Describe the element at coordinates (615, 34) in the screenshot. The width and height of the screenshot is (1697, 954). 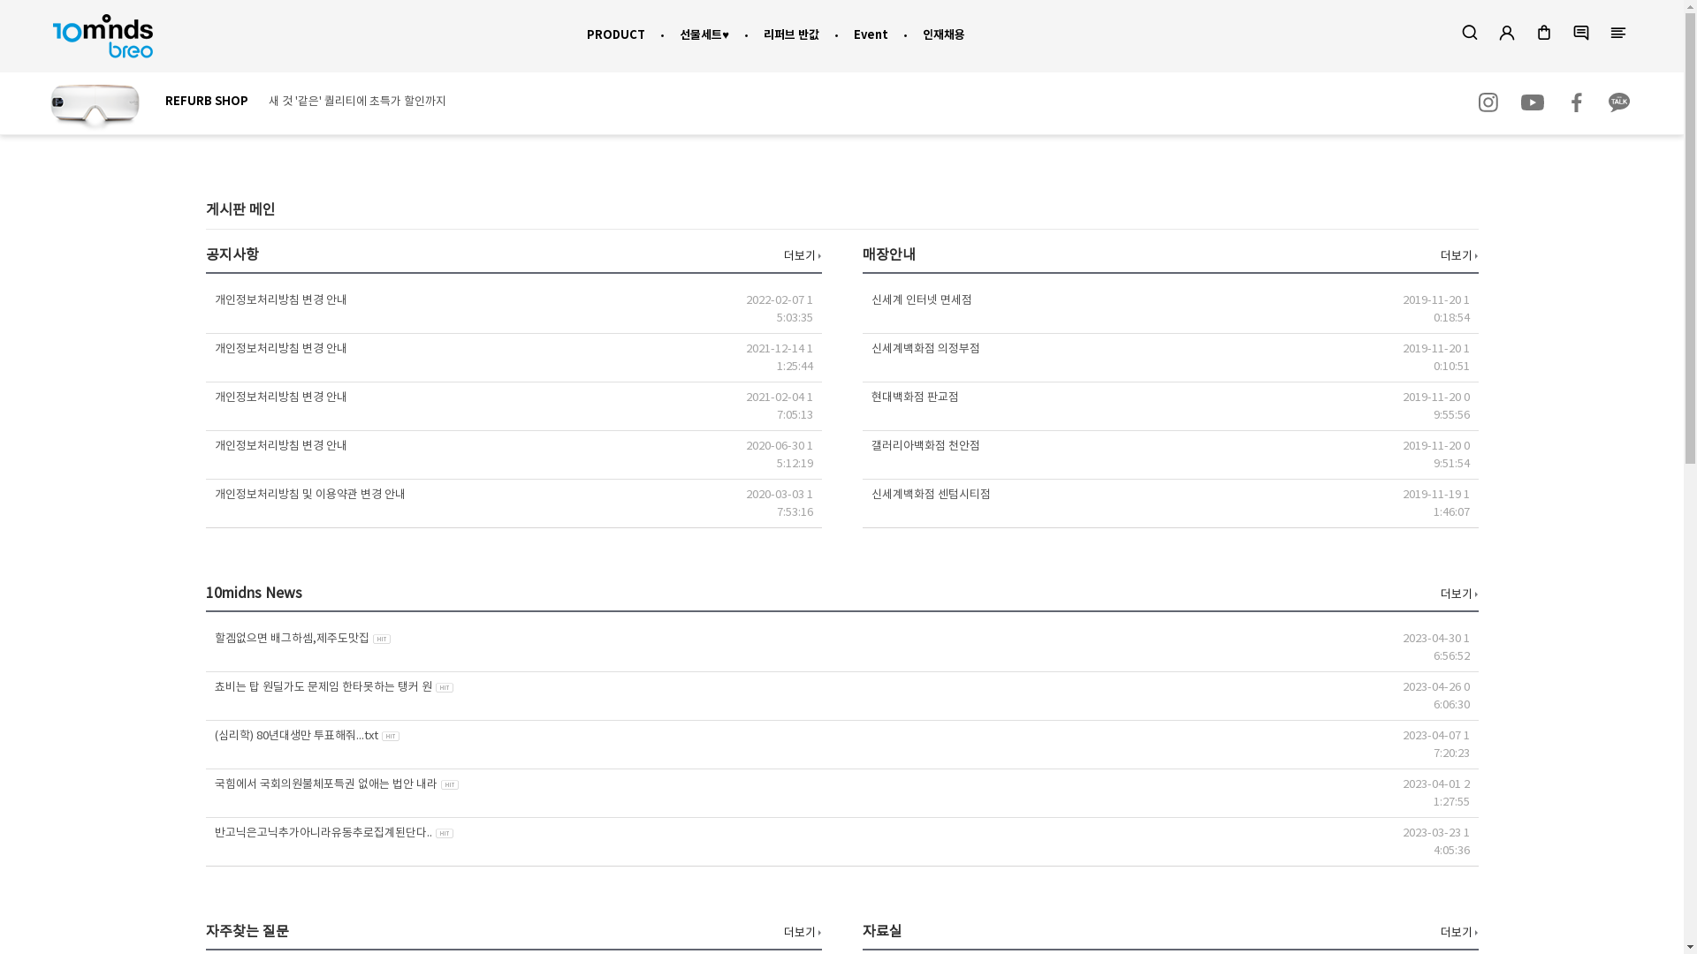
I see `'PRODUCT'` at that location.